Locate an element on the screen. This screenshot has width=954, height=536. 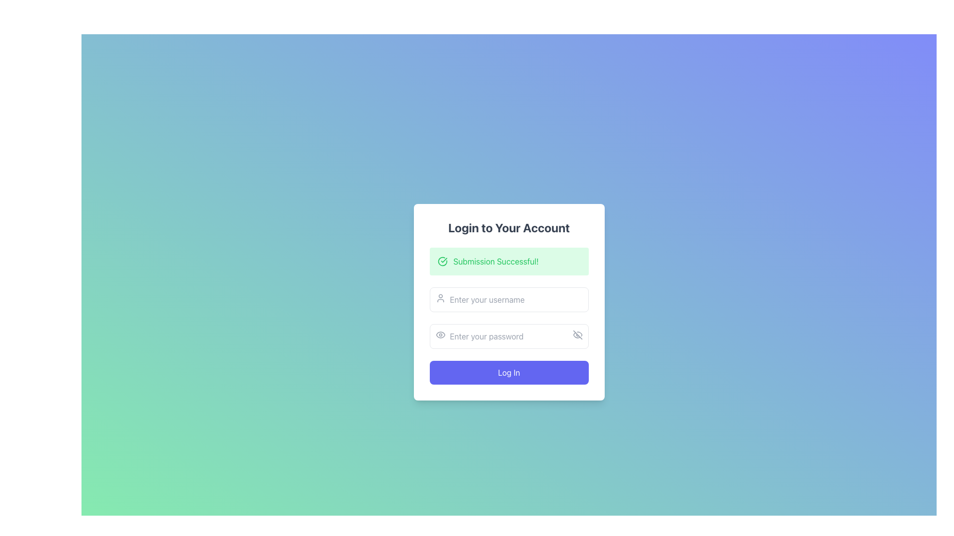
the button located in the top-right corner of the password input field is located at coordinates (577, 335).